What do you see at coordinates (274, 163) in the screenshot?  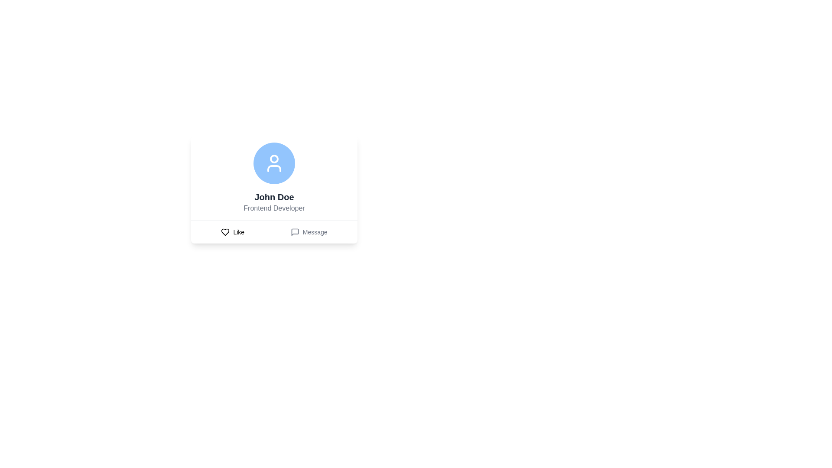 I see `the user's profile avatar icon, which is located at the center of a blue circular background in the upper-middle part of a card displaying the name 'John Doe' and subtext 'Frontend Developer'` at bounding box center [274, 163].